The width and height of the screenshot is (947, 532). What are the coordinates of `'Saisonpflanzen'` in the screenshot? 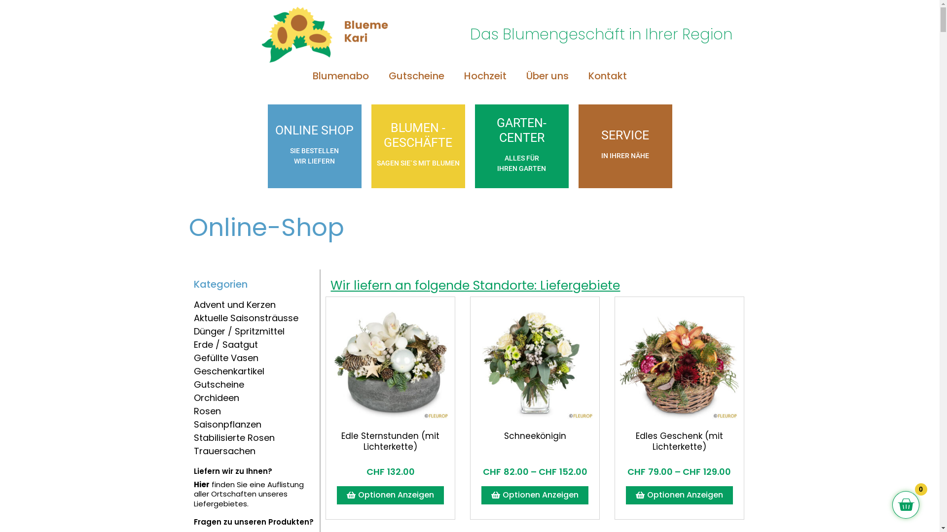 It's located at (226, 424).